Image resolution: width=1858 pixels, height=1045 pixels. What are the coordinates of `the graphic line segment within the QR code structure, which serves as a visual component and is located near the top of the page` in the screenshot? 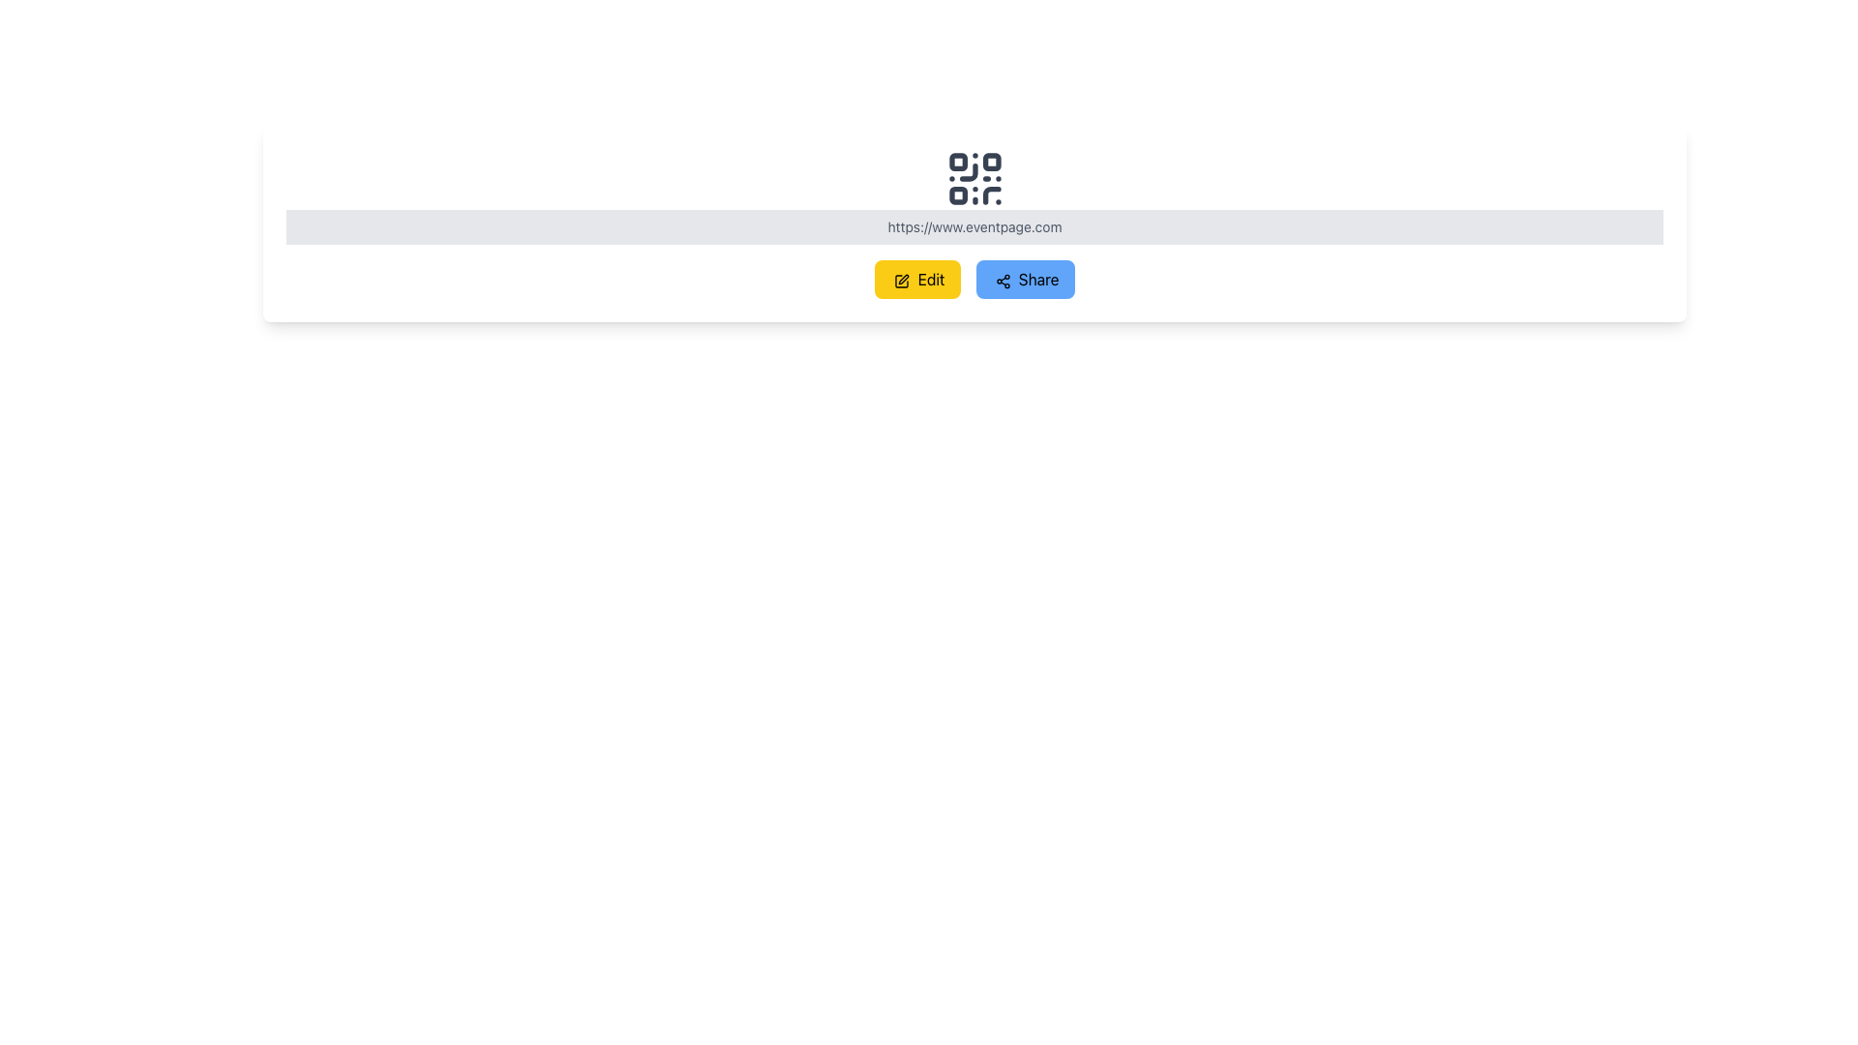 It's located at (968, 171).